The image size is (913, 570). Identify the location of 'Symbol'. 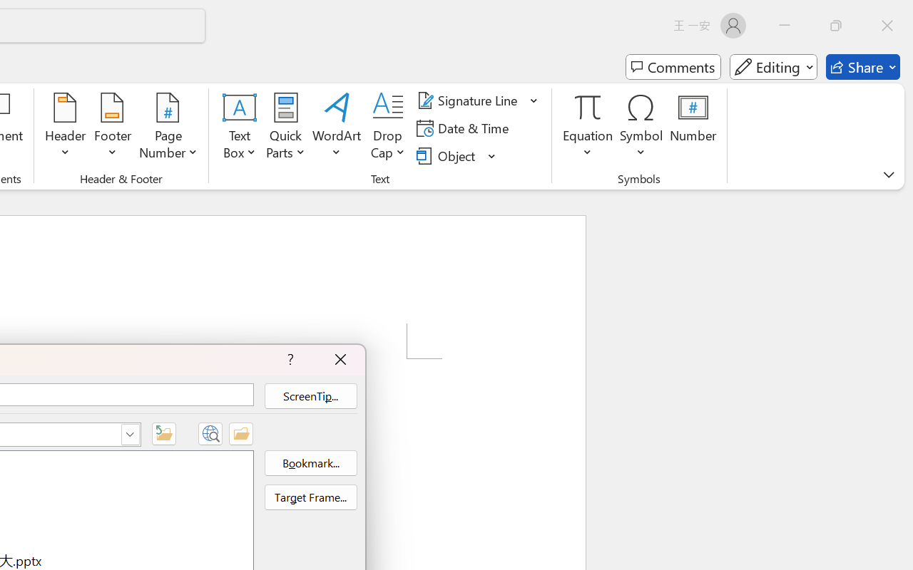
(641, 128).